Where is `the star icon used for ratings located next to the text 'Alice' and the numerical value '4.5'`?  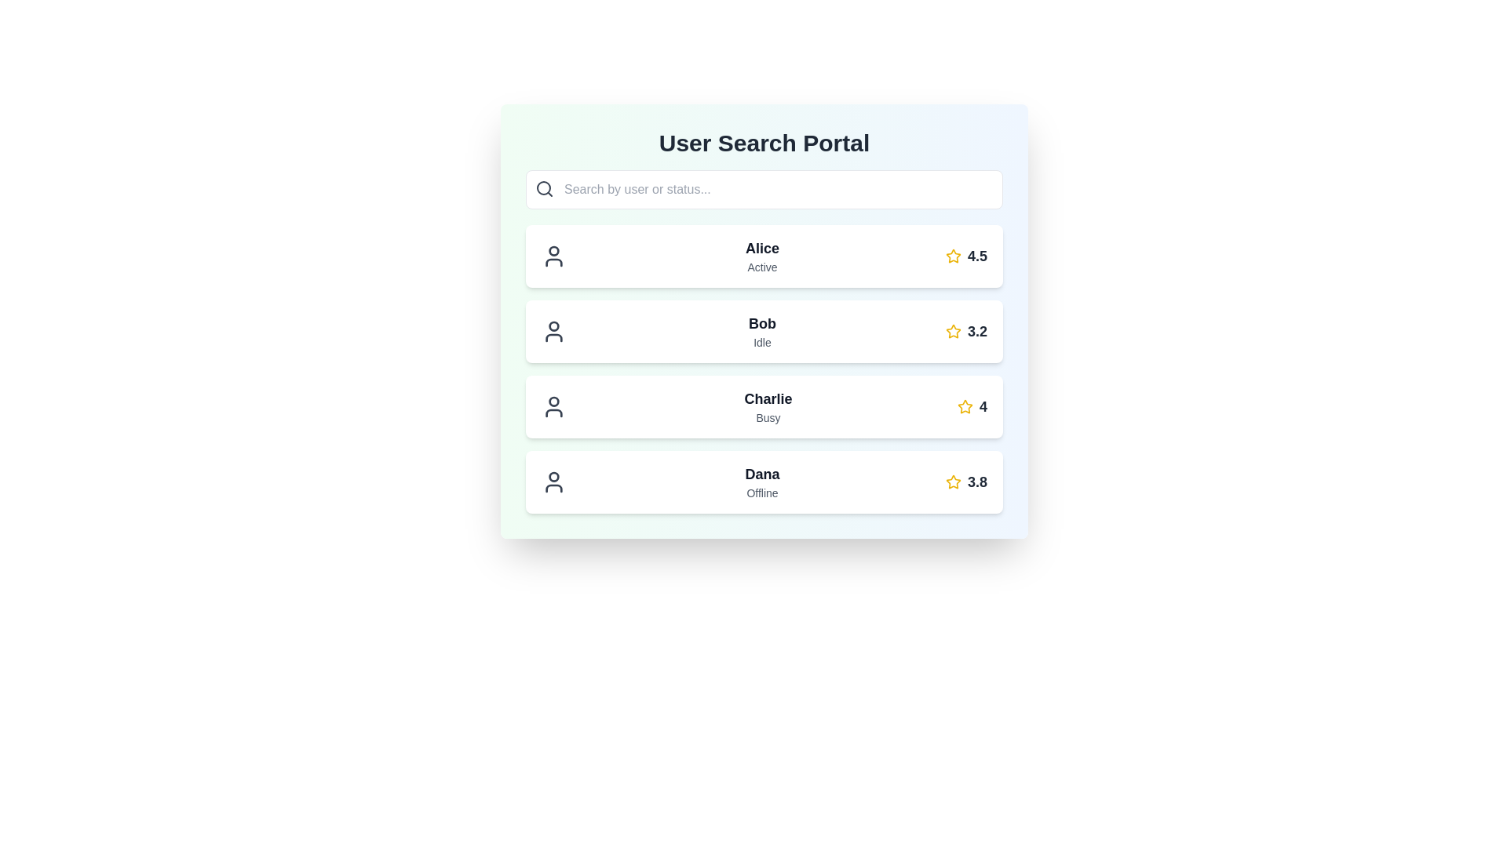
the star icon used for ratings located next to the text 'Alice' and the numerical value '4.5' is located at coordinates (952, 256).